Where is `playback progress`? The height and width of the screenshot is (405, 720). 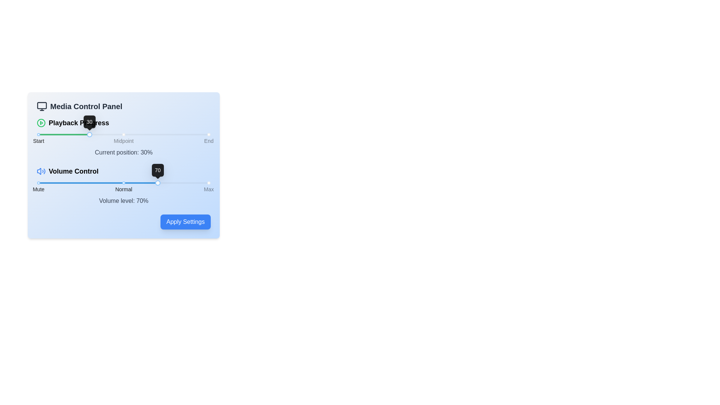
playback progress is located at coordinates (81, 134).